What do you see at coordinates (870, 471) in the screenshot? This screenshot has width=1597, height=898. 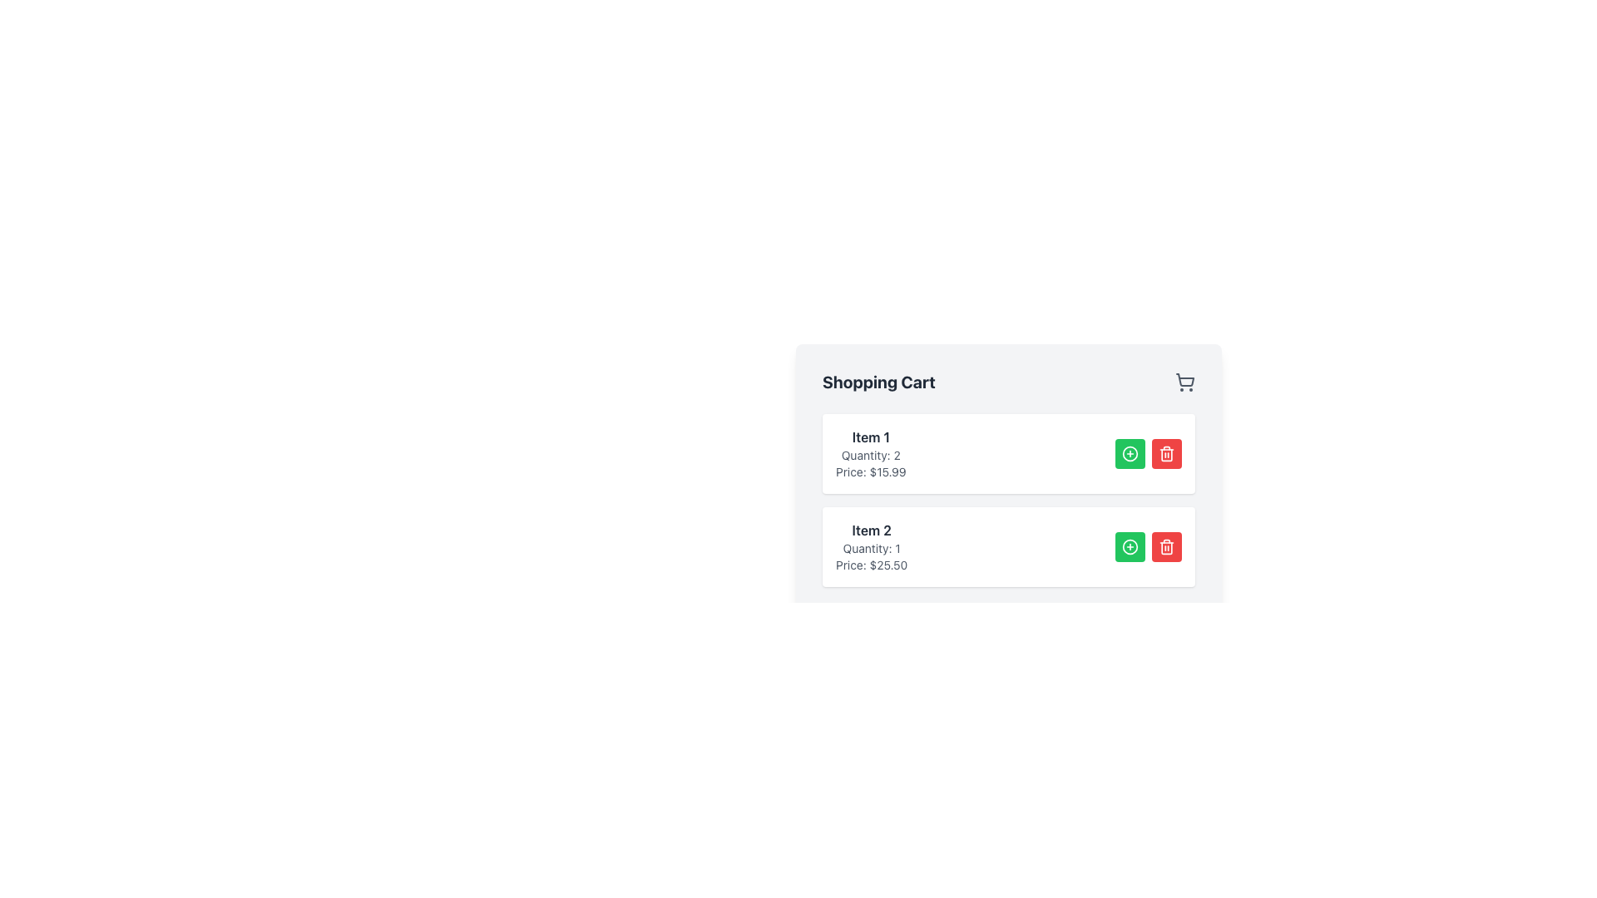 I see `the static text displaying the price of the item in the shopping cart, which is located below the 'Item 1' label and the 'Quantity: 2' text` at bounding box center [870, 471].